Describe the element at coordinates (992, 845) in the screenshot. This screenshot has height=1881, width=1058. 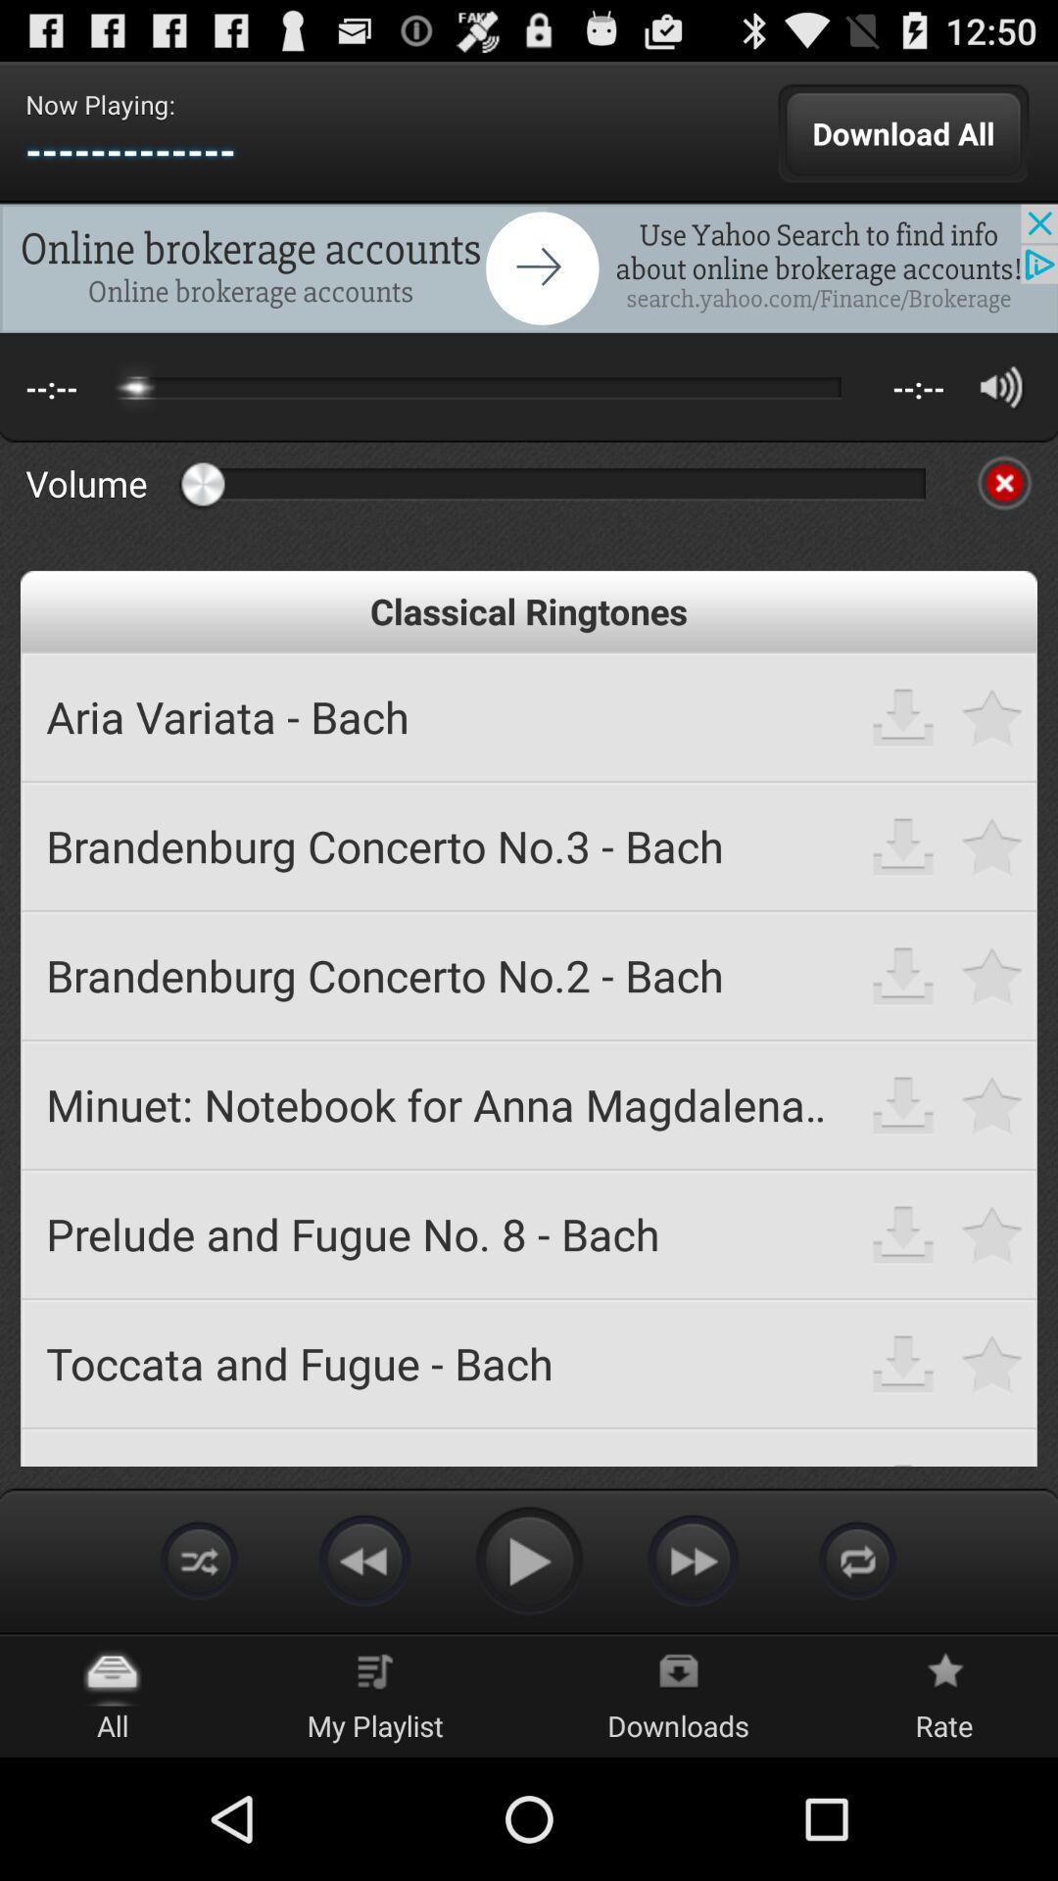
I see `song` at that location.